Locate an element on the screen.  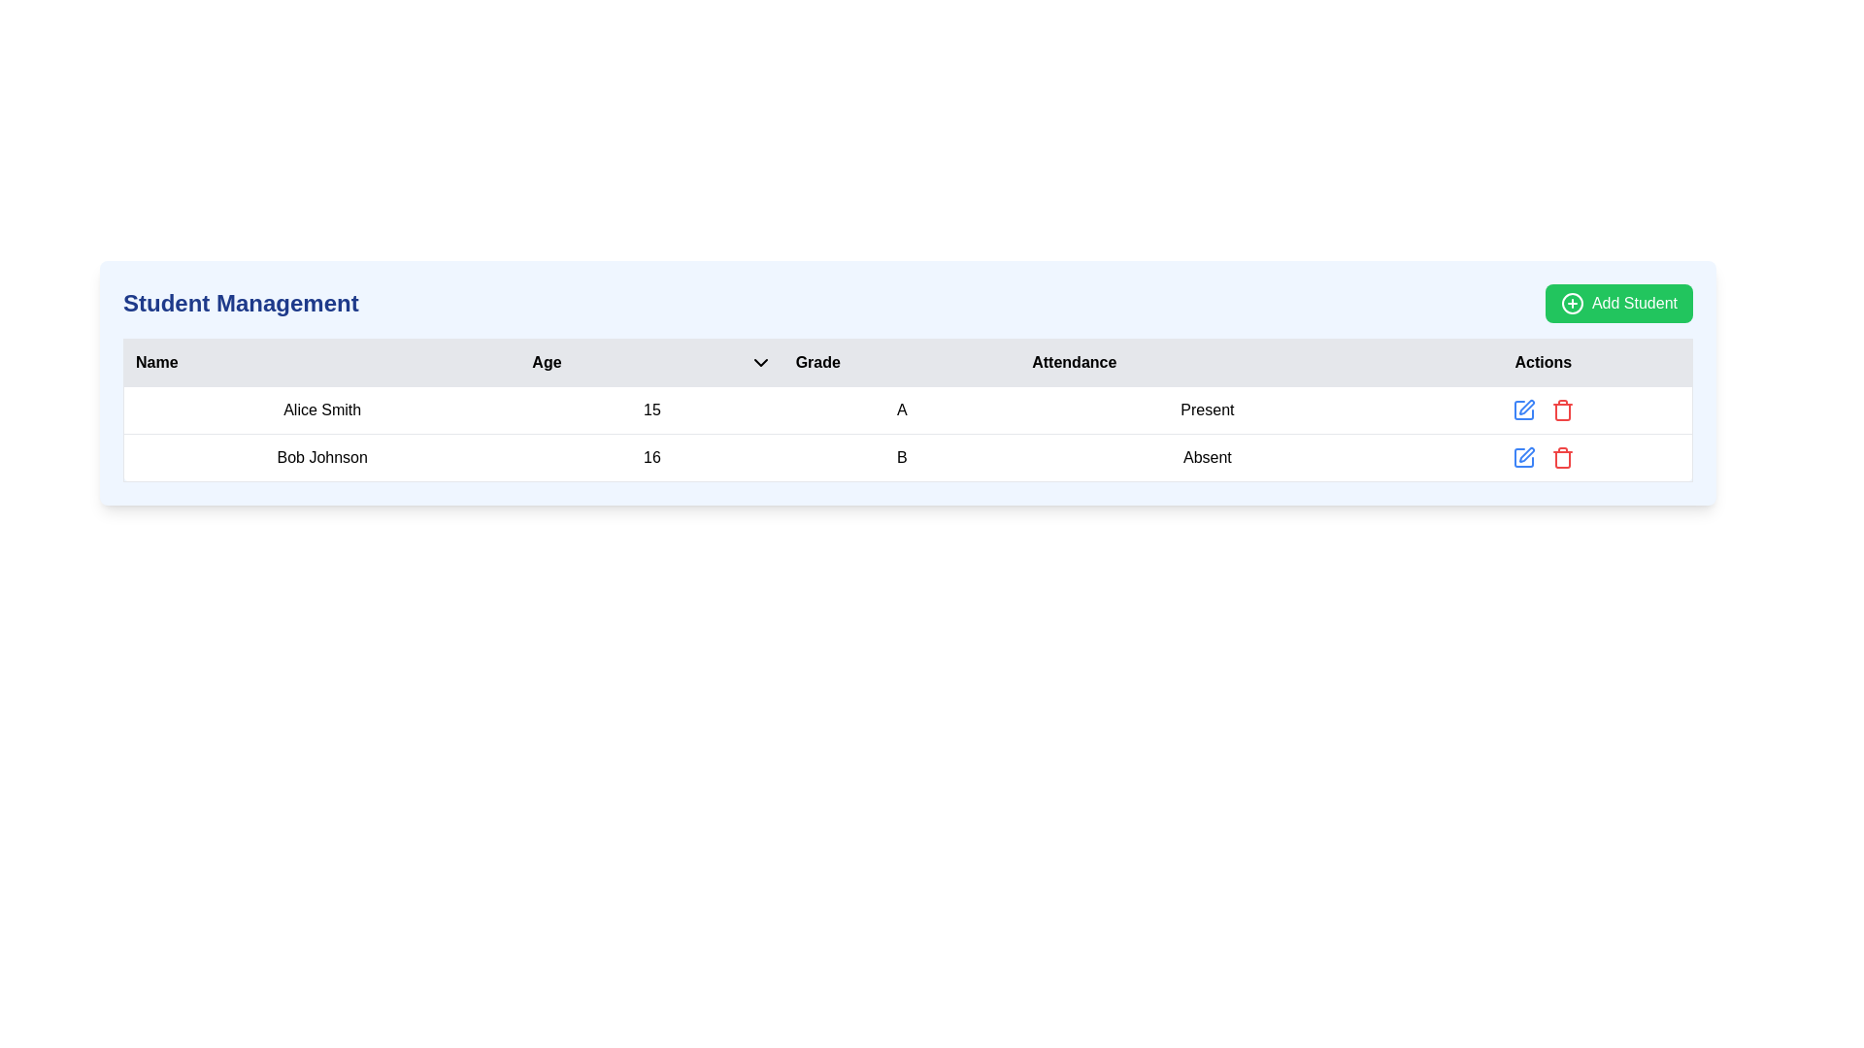
value displayed in the 'Grade' column for student Alice Smith, which is located in the third cell of the first row of the table is located at coordinates (901, 409).